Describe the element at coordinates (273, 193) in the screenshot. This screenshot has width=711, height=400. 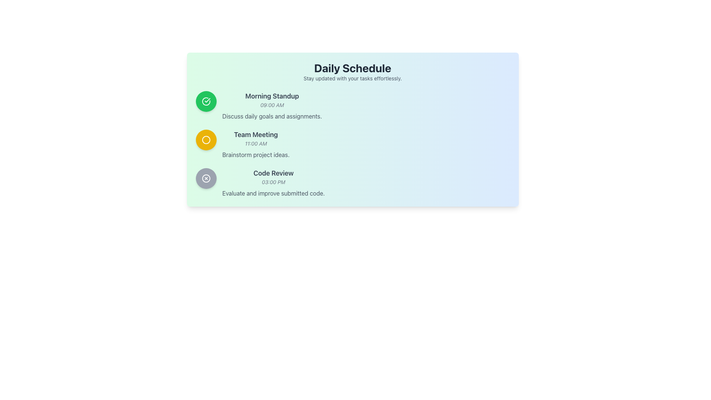
I see `the descriptive text element located at the bottom of the 'Code Review' section in the 'Daily Schedule' interface` at that location.